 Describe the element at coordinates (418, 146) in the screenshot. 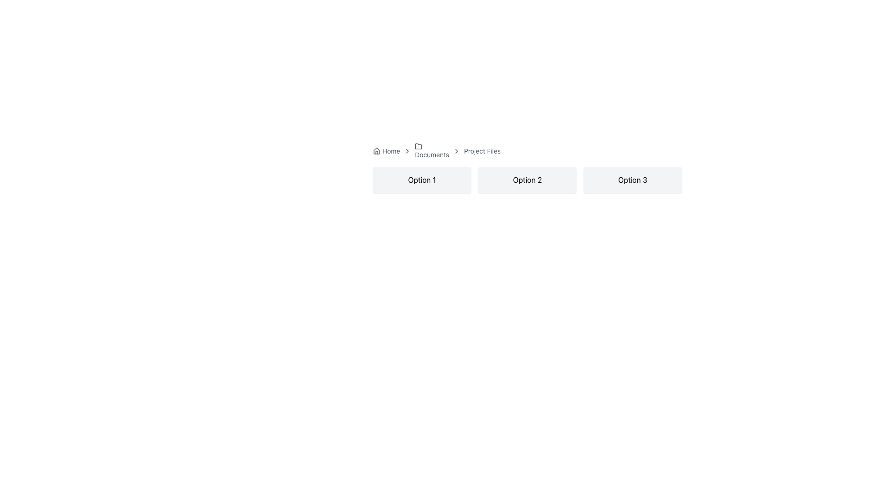

I see `the folder icon in the breadcrumb navigation bar, which visually represents the 'Documents' directory and is positioned between the 'Documents' and 'Project Files' labels` at that location.